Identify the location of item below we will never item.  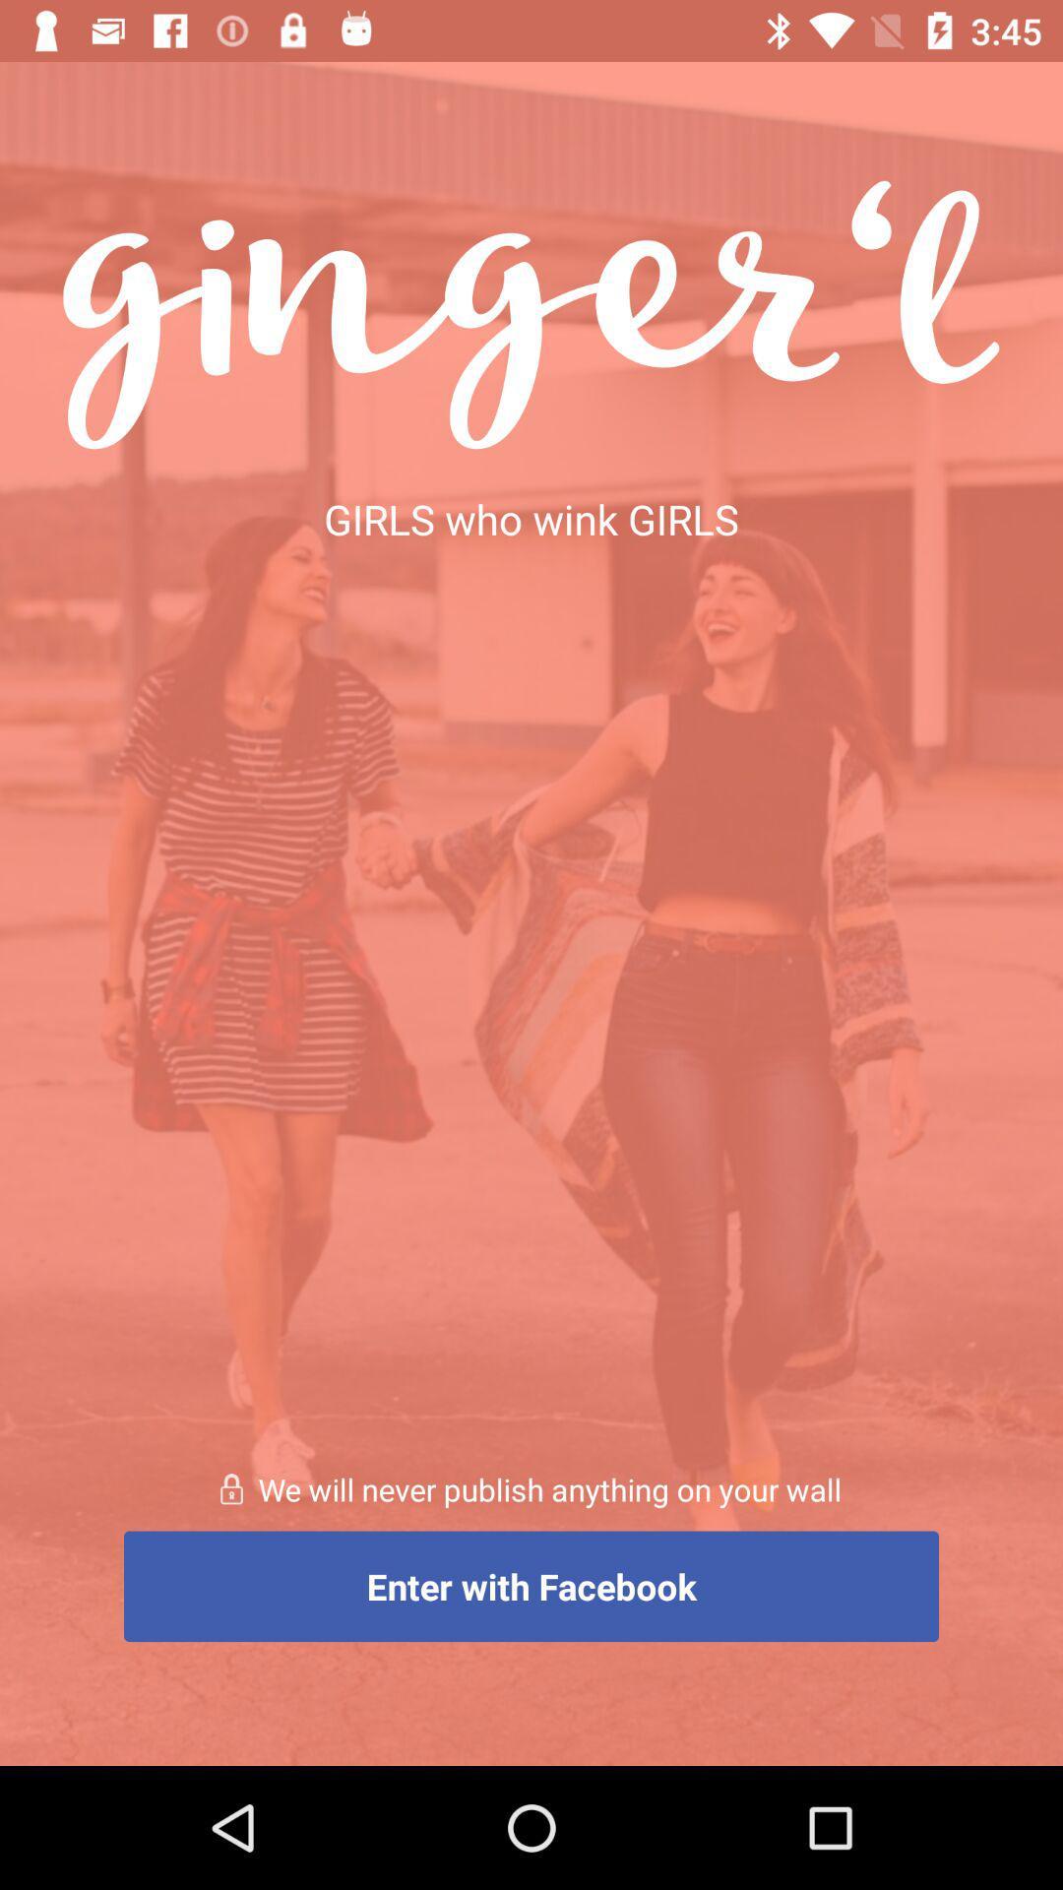
(531, 1586).